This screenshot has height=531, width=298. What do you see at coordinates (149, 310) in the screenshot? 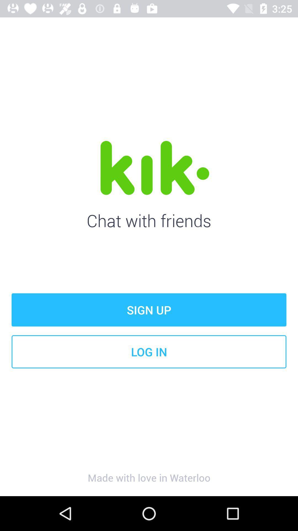
I see `the icon above the log in icon` at bounding box center [149, 310].